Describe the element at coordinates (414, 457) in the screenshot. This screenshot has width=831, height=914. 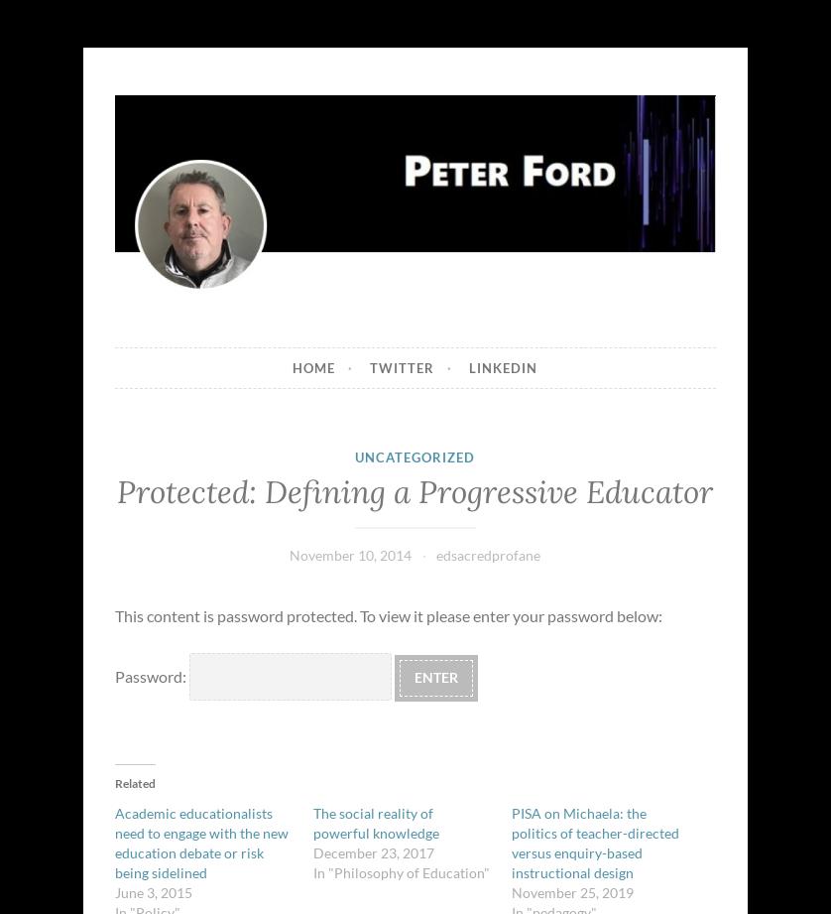
I see `'Uncategorized'` at that location.